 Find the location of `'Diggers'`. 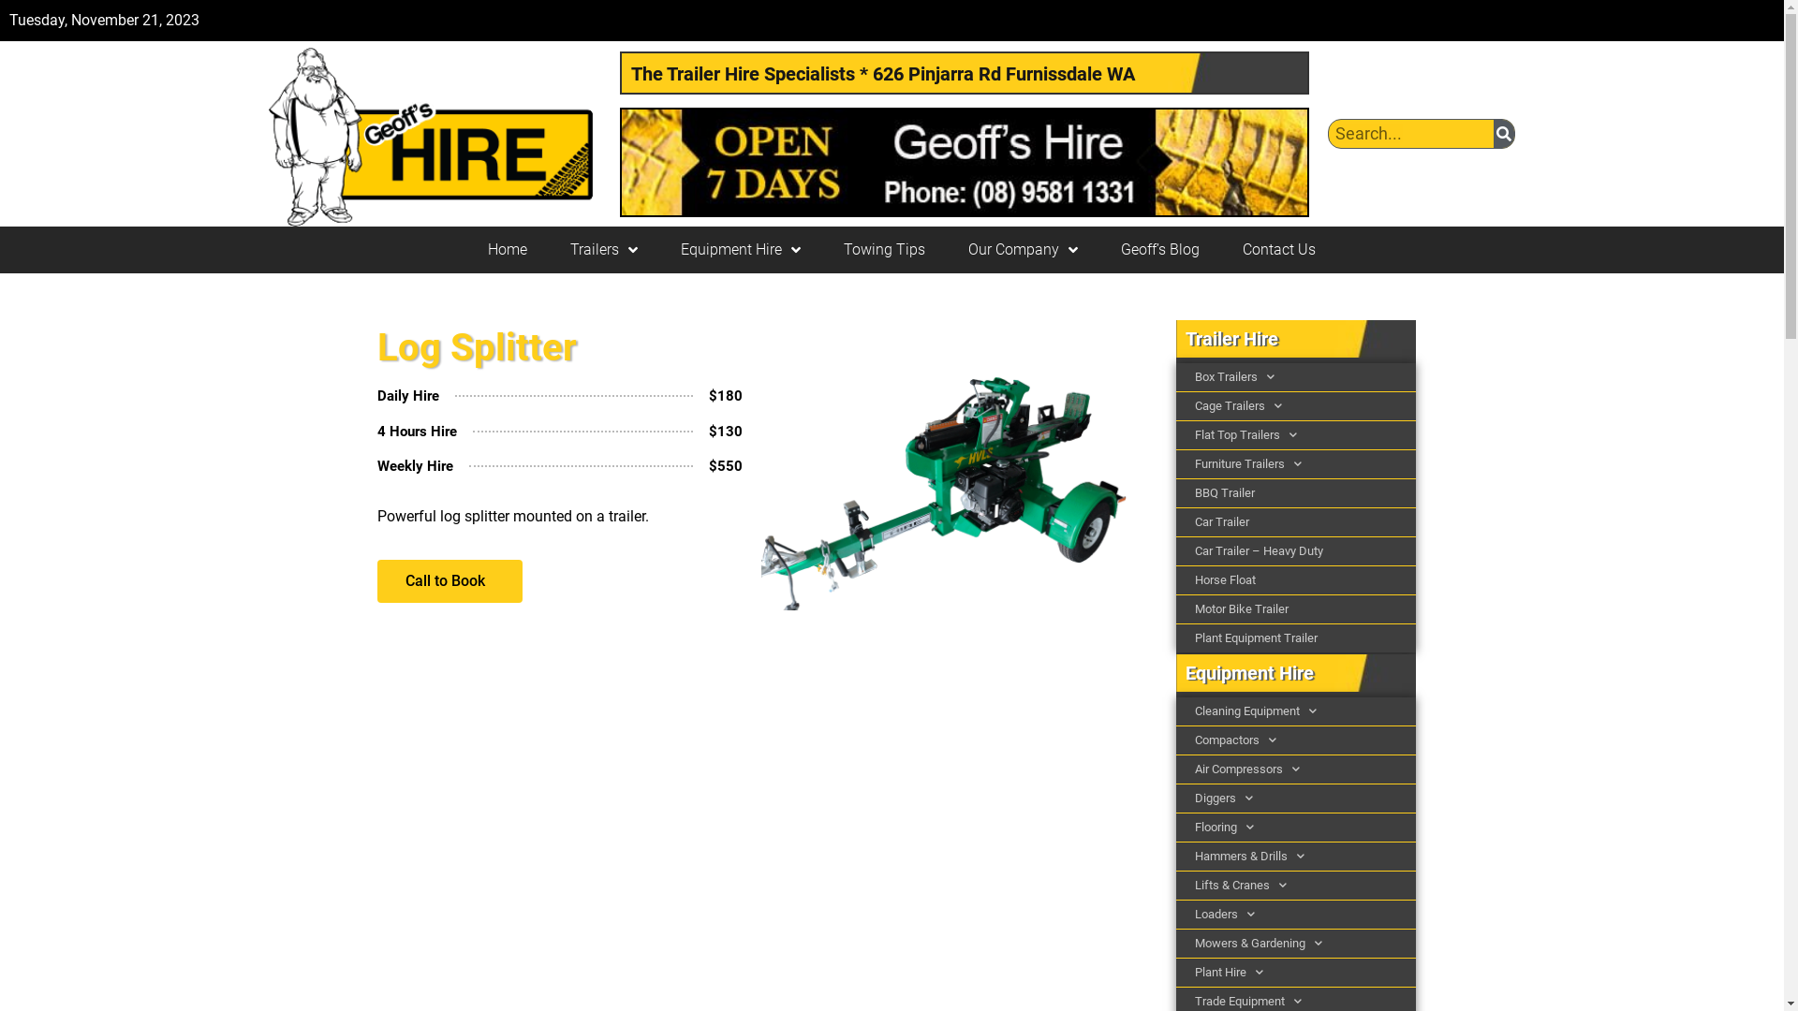

'Diggers' is located at coordinates (1175, 798).